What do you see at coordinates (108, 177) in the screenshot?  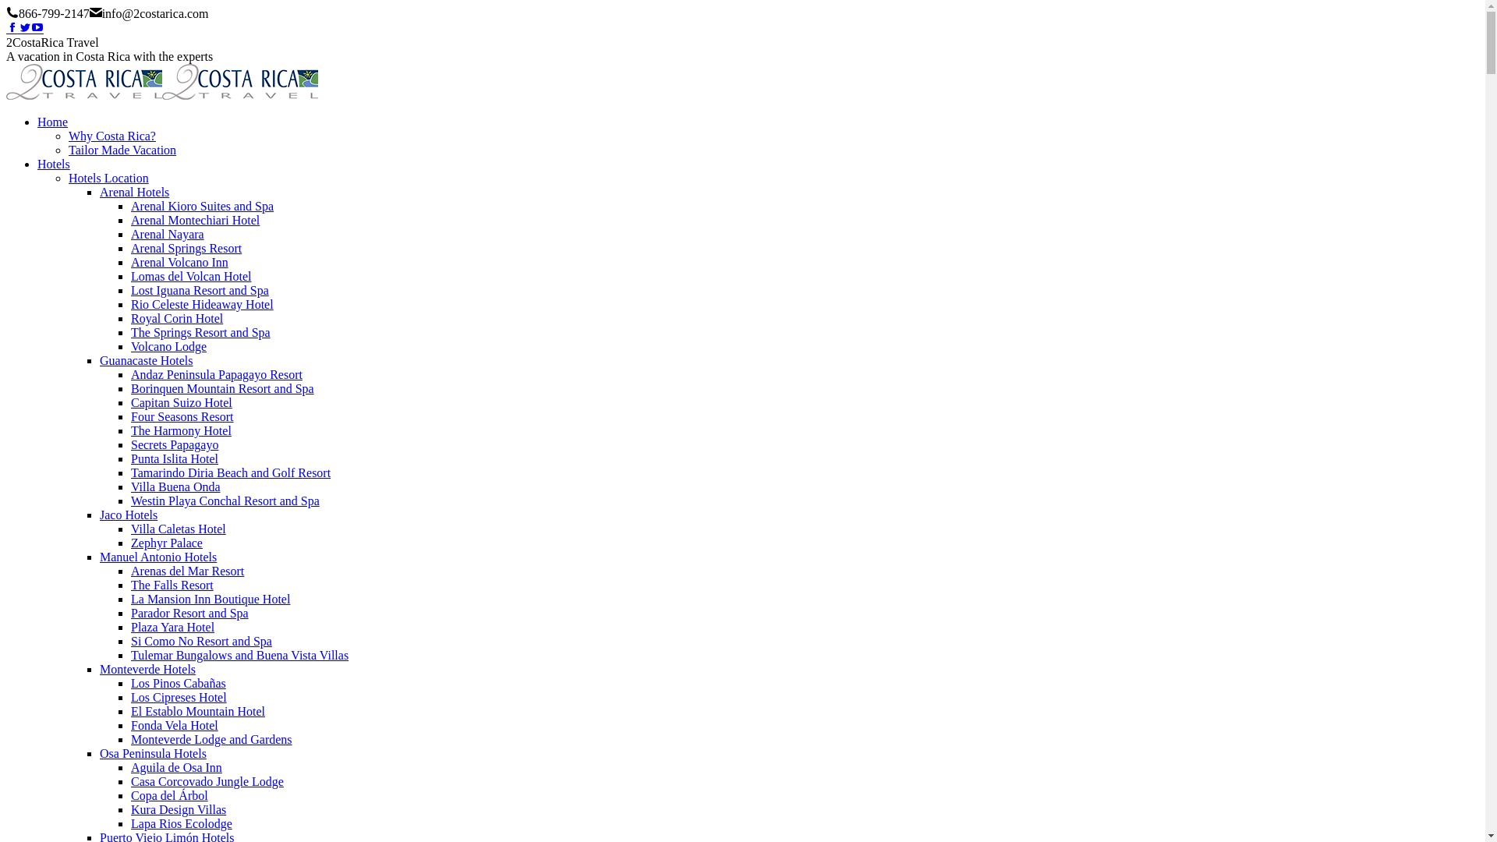 I see `'Hotels Location'` at bounding box center [108, 177].